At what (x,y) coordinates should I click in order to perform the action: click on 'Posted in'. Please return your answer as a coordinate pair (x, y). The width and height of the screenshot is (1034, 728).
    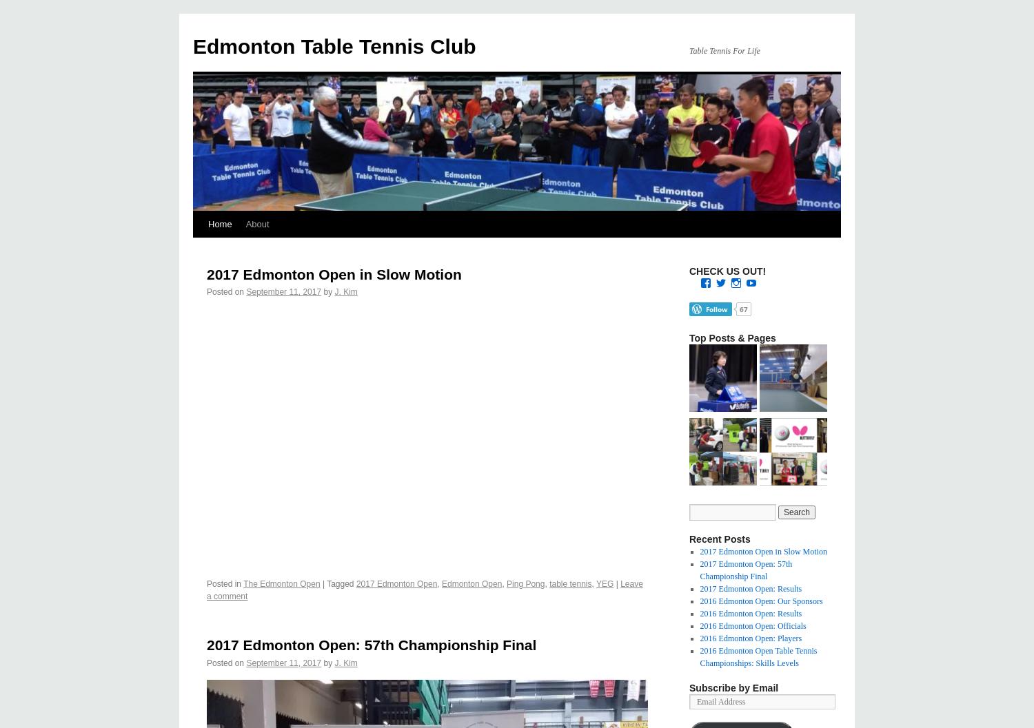
    Looking at the image, I should click on (223, 583).